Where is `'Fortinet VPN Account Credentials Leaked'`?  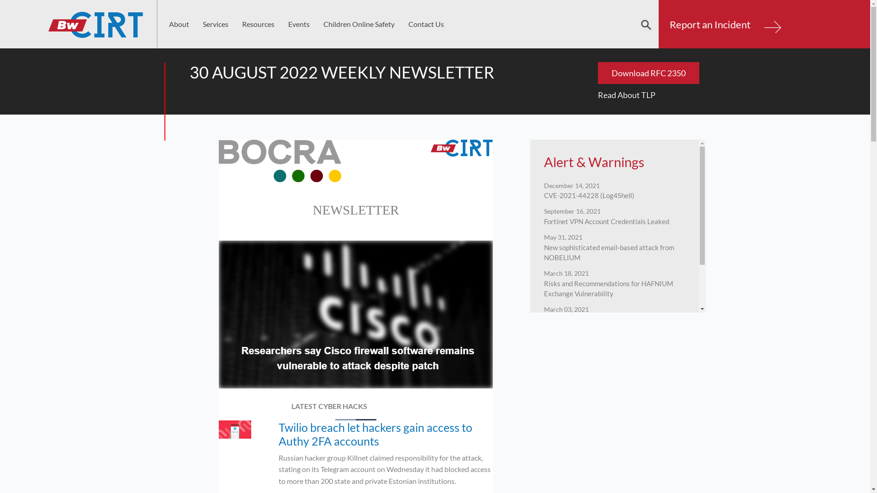
'Fortinet VPN Account Credentials Leaked' is located at coordinates (607, 220).